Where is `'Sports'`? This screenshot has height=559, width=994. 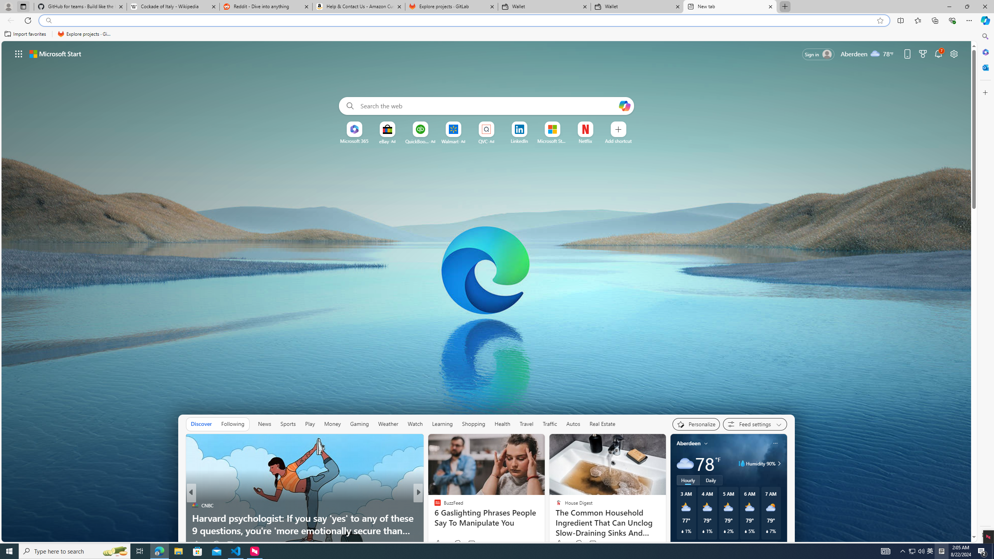
'Sports' is located at coordinates (288, 424).